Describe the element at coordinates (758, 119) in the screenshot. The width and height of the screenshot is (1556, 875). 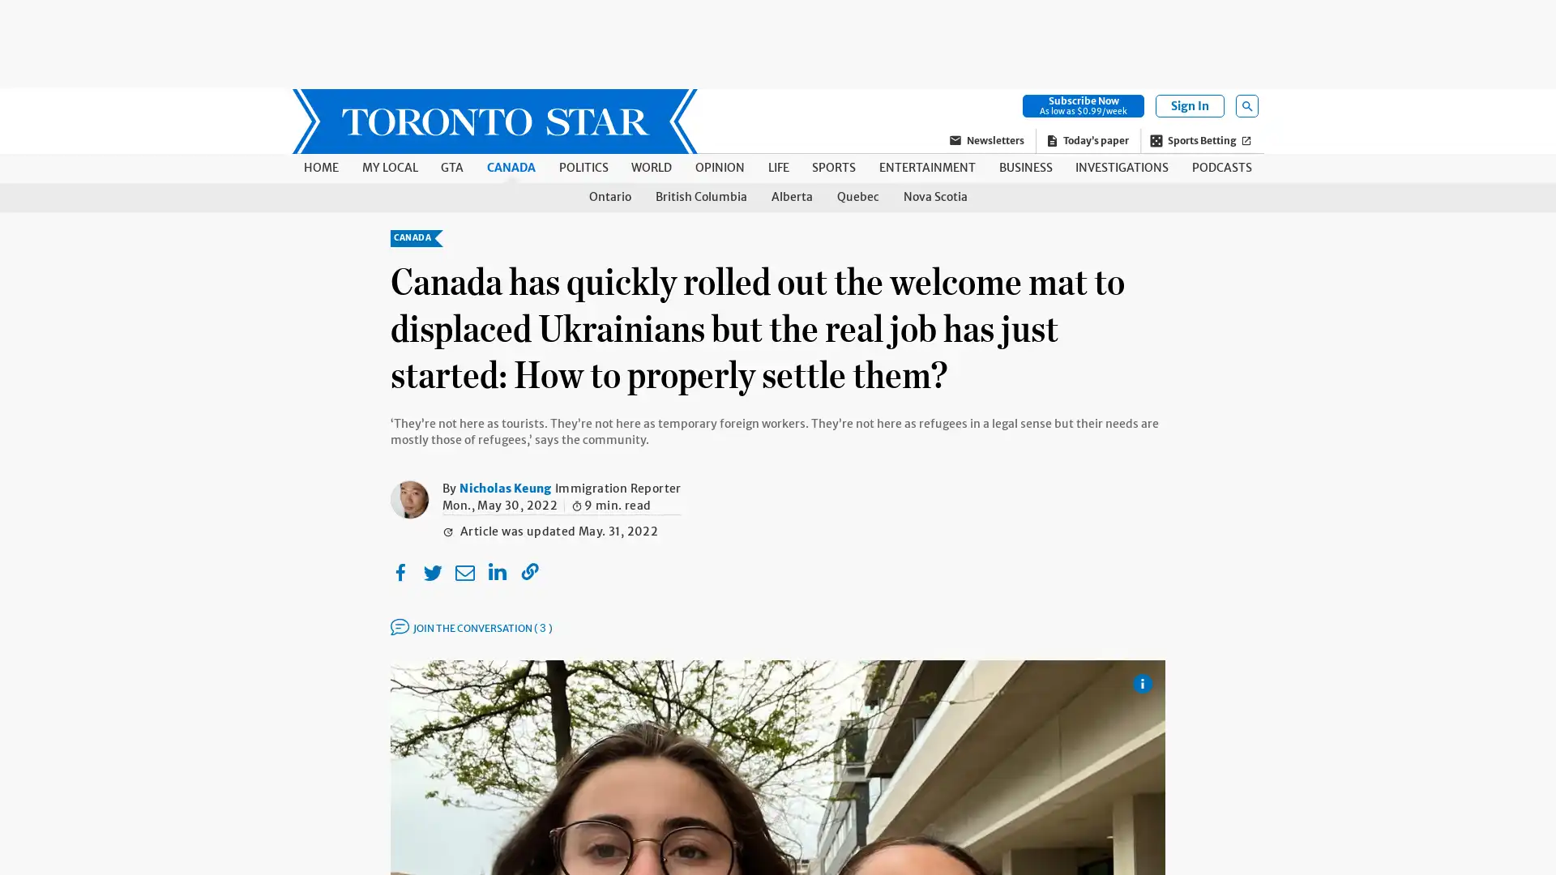
I see `SKIP TO MAIN CONTENT` at that location.